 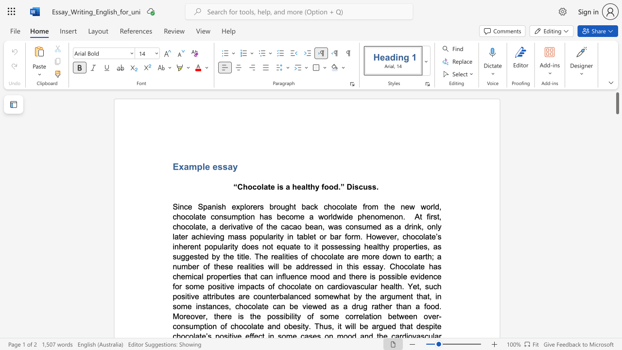 What do you see at coordinates (617, 267) in the screenshot?
I see `the scrollbar to slide the page down` at bounding box center [617, 267].